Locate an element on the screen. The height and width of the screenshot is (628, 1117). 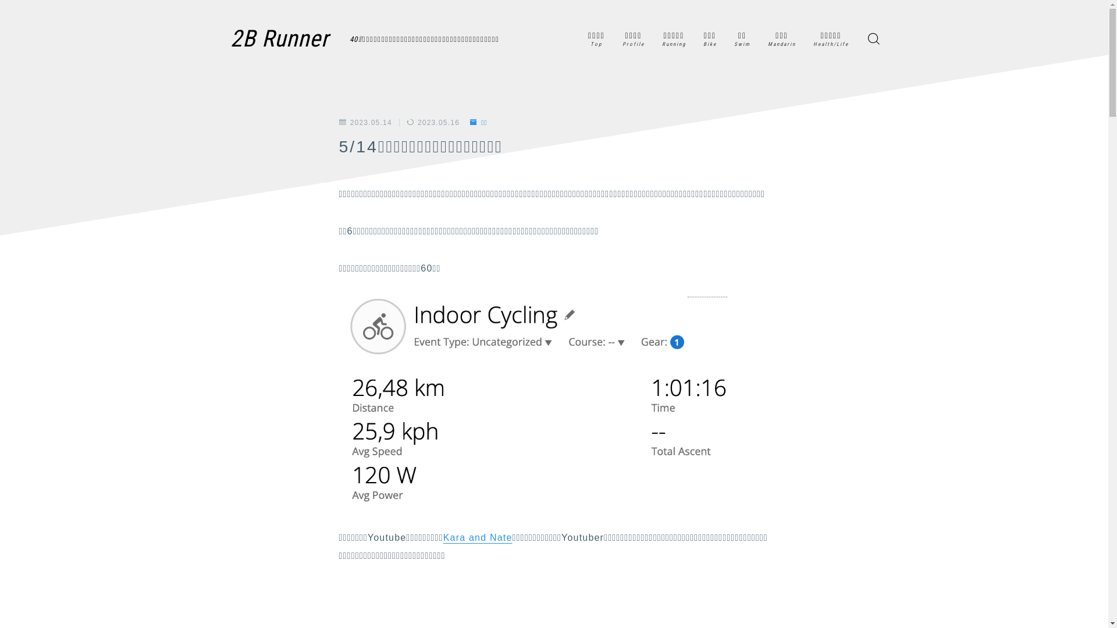
'2B Runner' is located at coordinates (281, 37).